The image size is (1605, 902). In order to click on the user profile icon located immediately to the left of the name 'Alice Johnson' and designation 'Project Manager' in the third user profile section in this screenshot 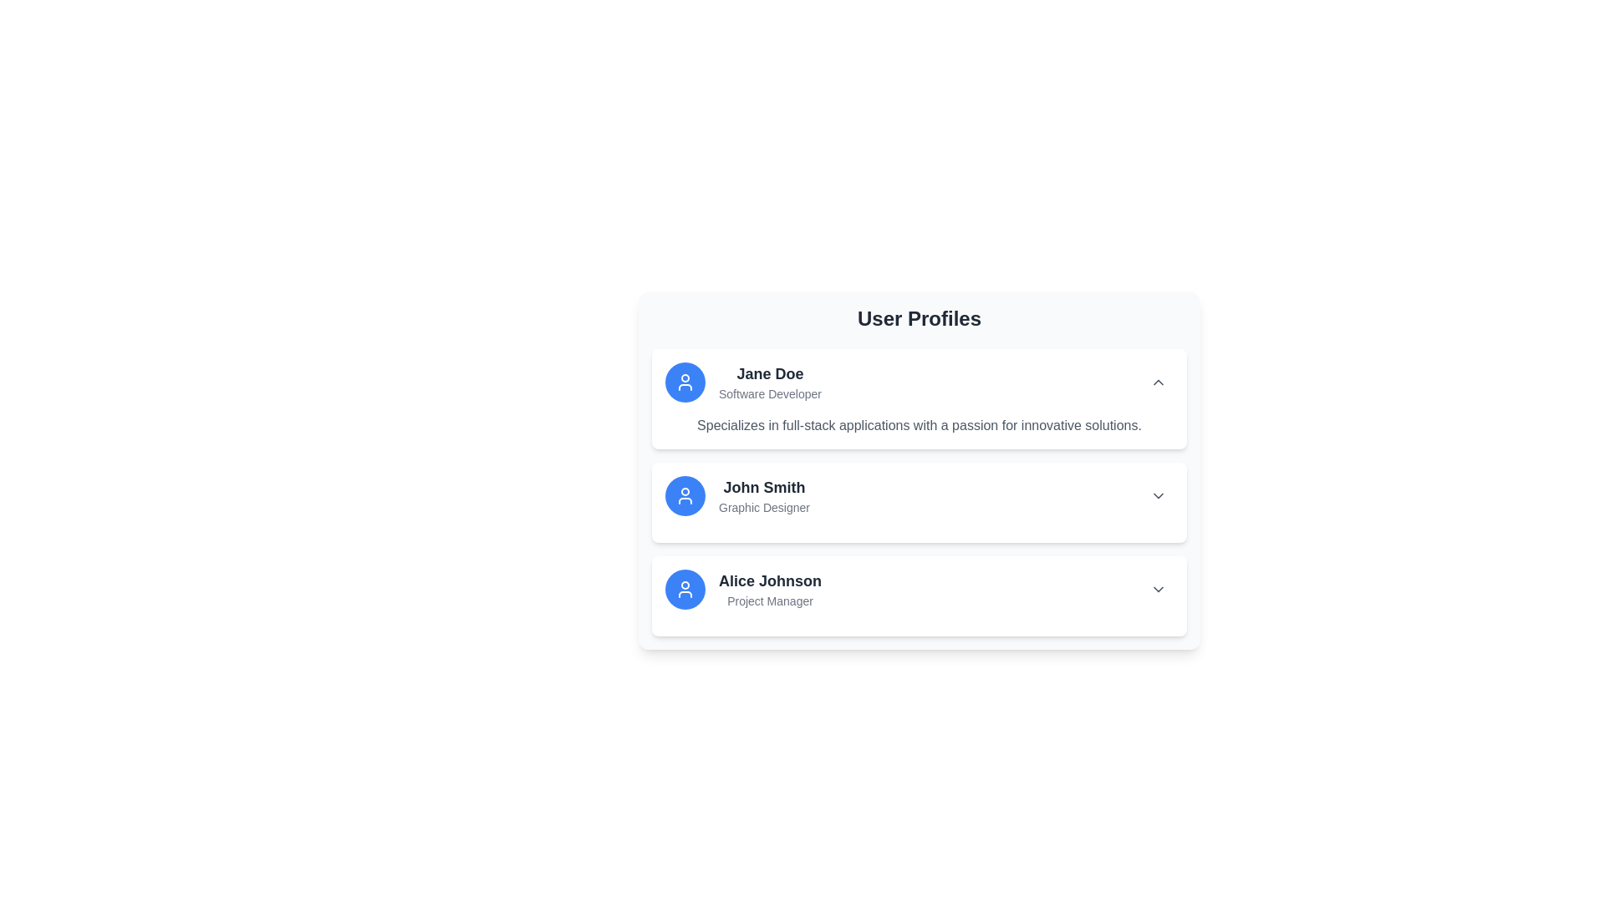, I will do `click(685, 588)`.